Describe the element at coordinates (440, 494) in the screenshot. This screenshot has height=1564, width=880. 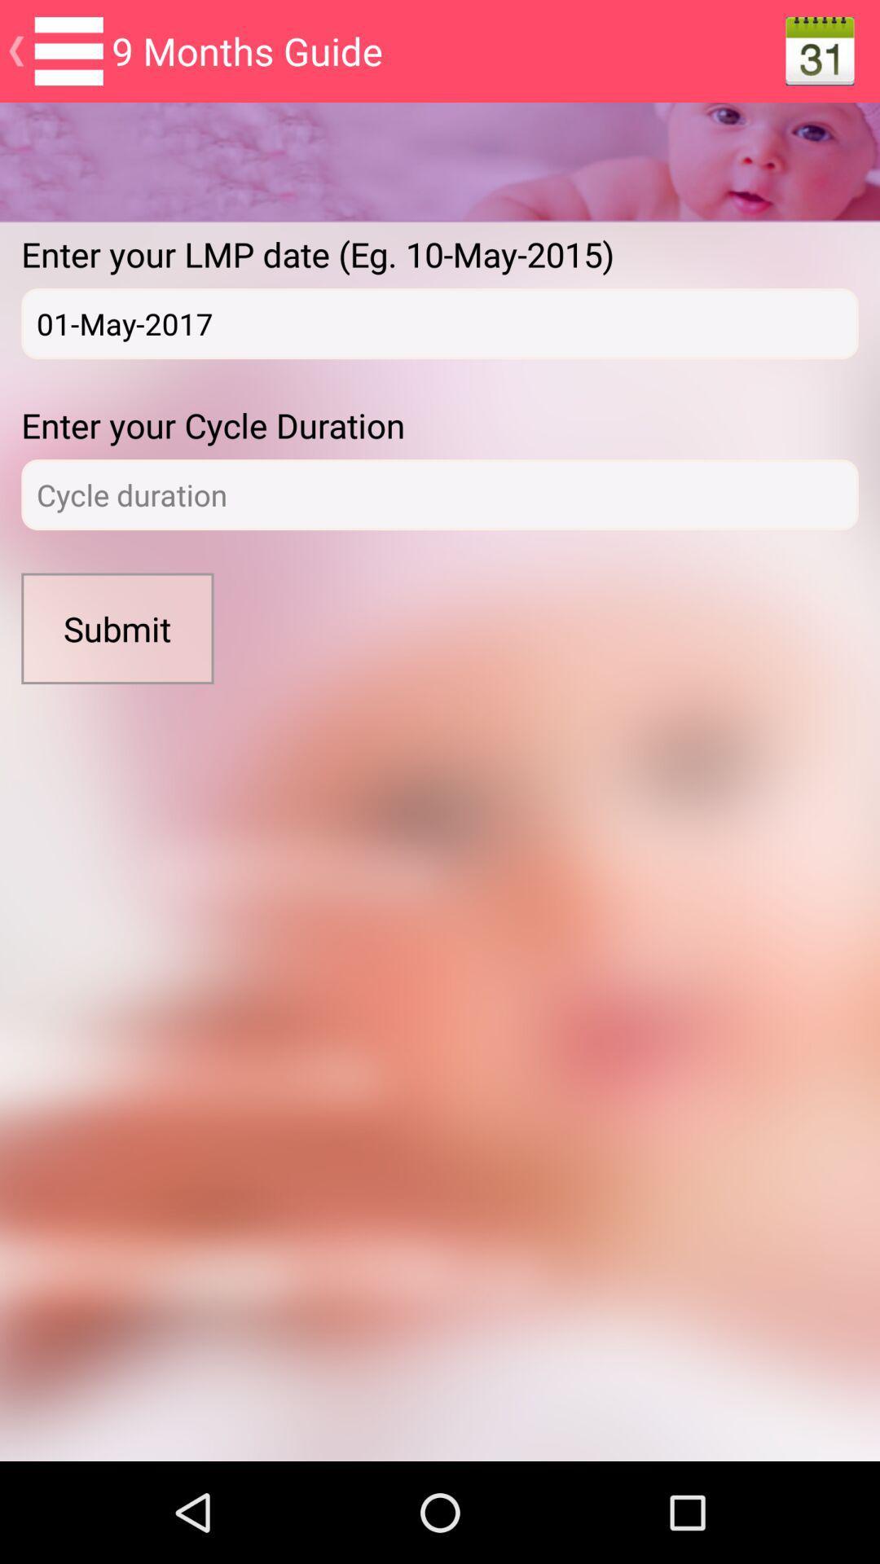
I see `login page` at that location.